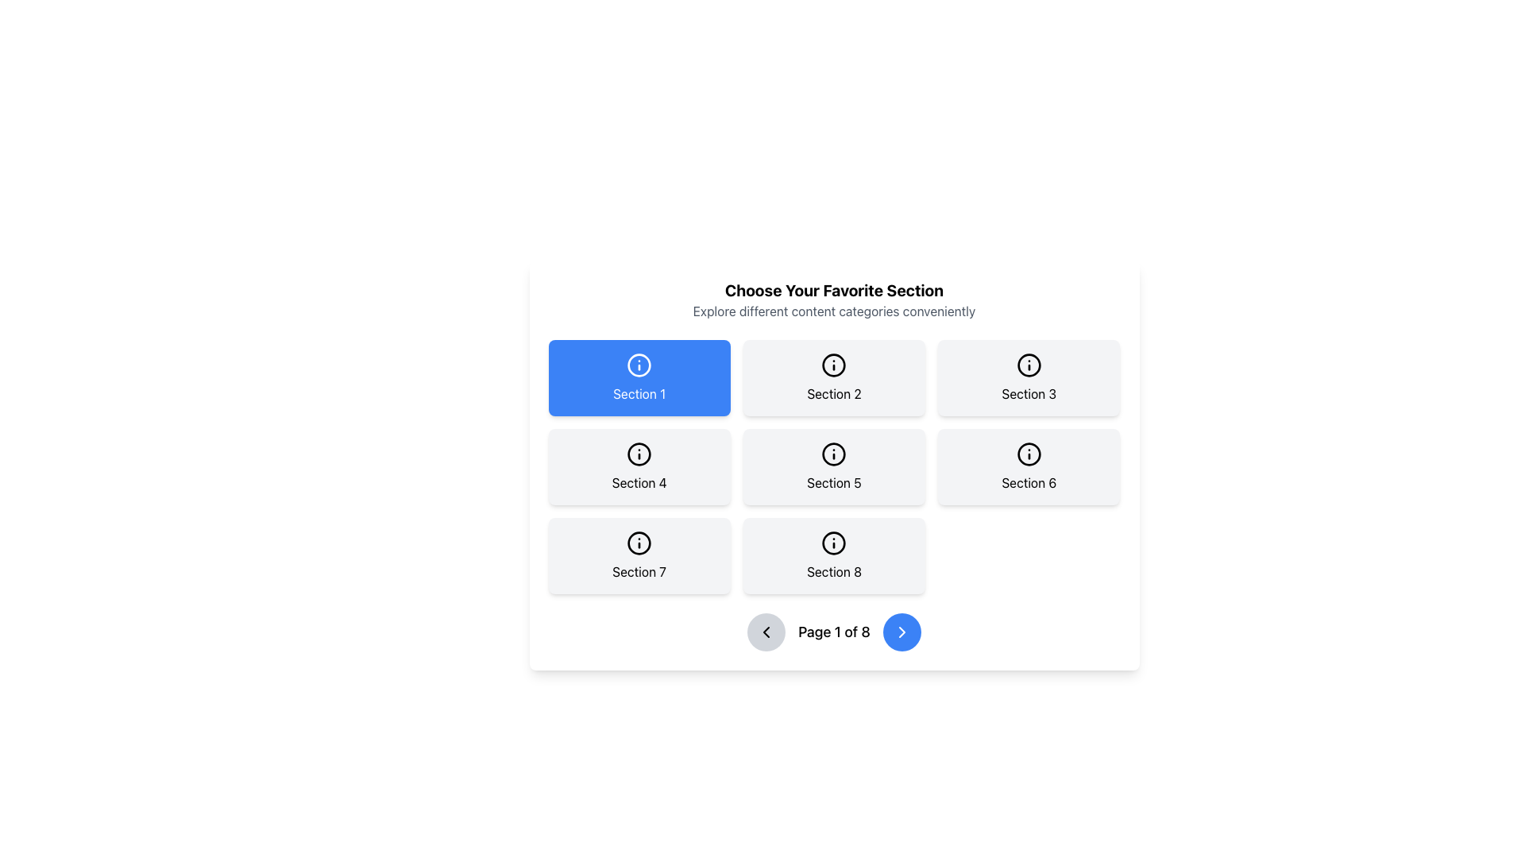  What do you see at coordinates (1029, 466) in the screenshot?
I see `the sixth section card in the grid layout` at bounding box center [1029, 466].